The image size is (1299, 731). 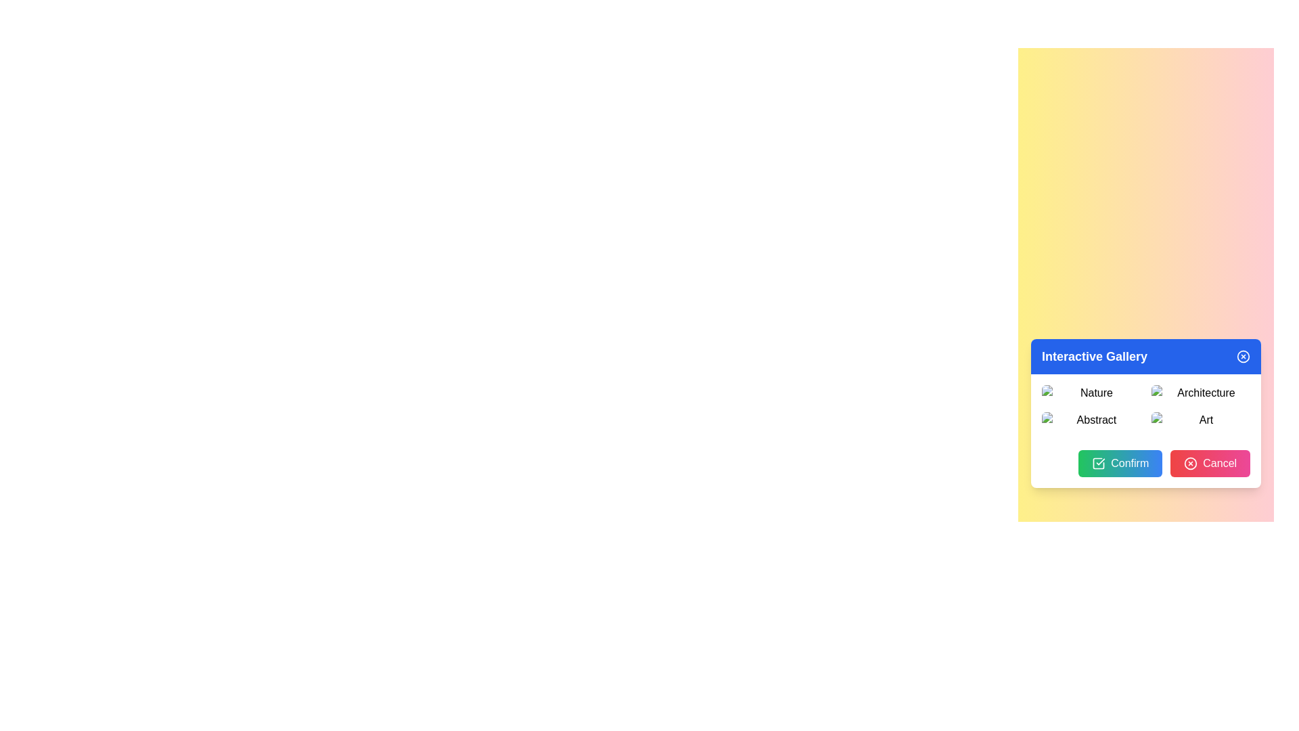 What do you see at coordinates (1201, 393) in the screenshot?
I see `the second item in the gallery labeled 'Architecture'` at bounding box center [1201, 393].